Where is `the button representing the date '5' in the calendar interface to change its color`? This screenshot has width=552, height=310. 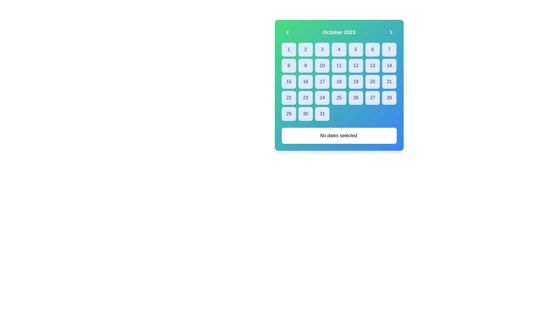 the button representing the date '5' in the calendar interface to change its color is located at coordinates (355, 49).